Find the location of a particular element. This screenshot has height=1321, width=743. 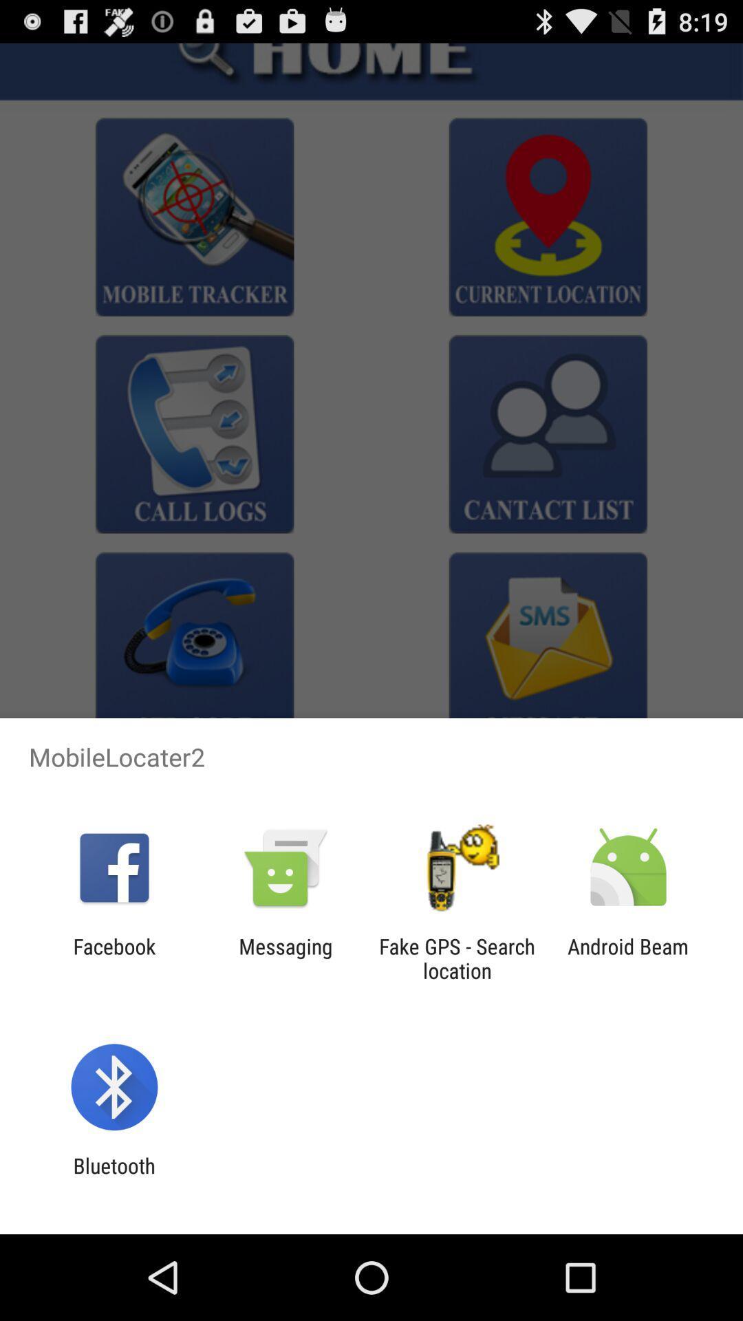

icon next to messaging is located at coordinates (457, 958).